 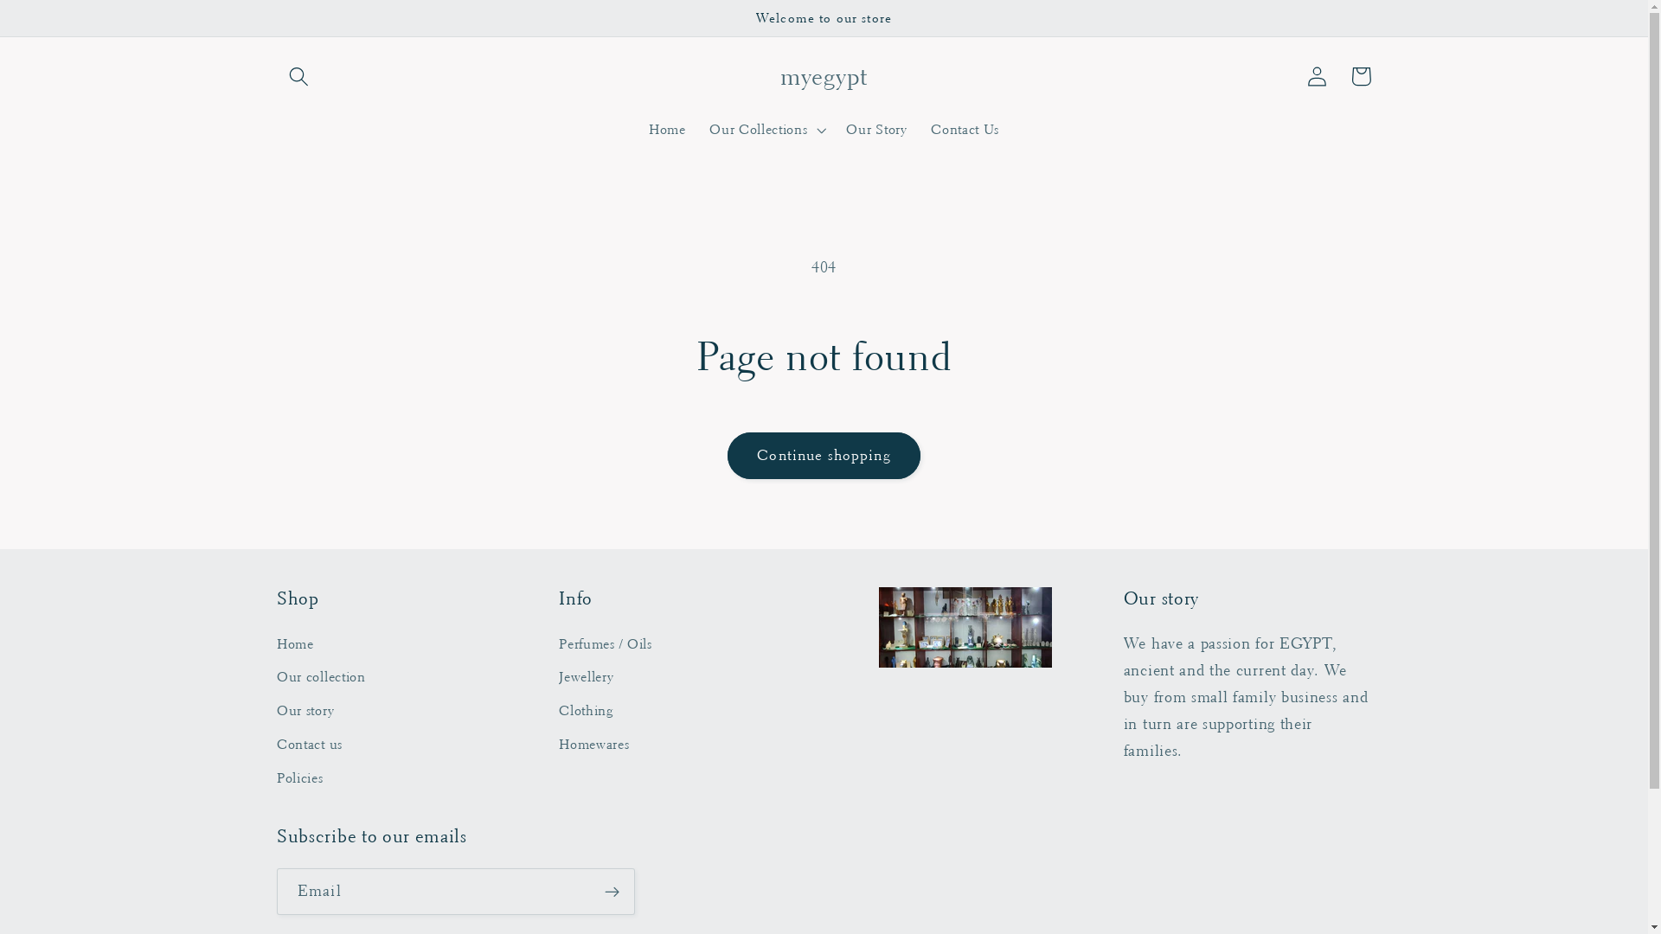 I want to click on 'myegypt', so click(x=822, y=75).